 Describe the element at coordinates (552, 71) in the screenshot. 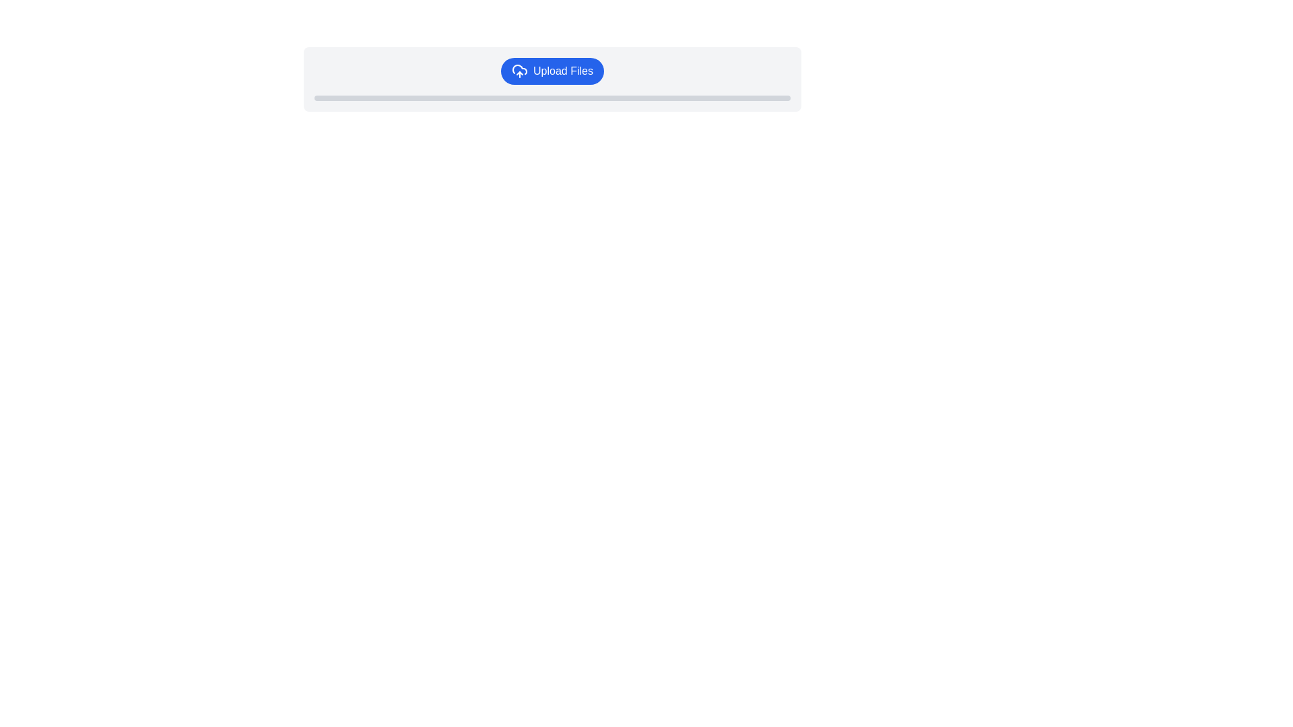

I see `the rounded rectangular button labeled 'Upload Files' with a blue background` at that location.